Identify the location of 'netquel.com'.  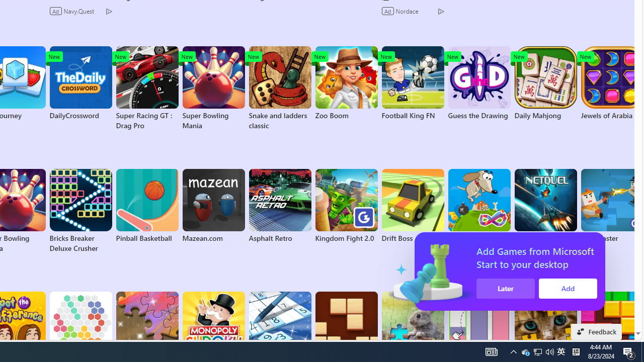
(545, 206).